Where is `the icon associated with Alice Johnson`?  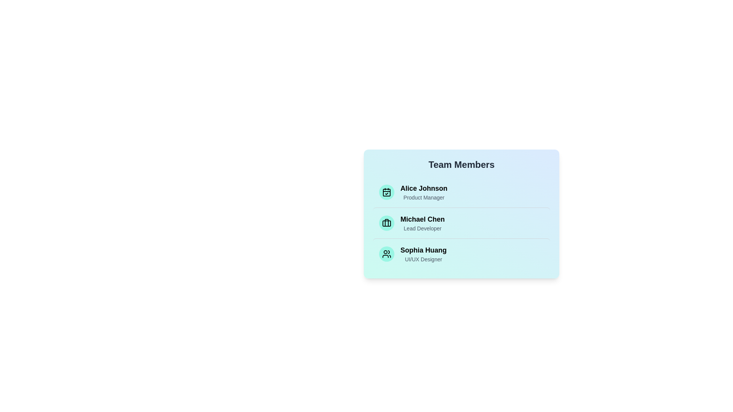
the icon associated with Alice Johnson is located at coordinates (386, 192).